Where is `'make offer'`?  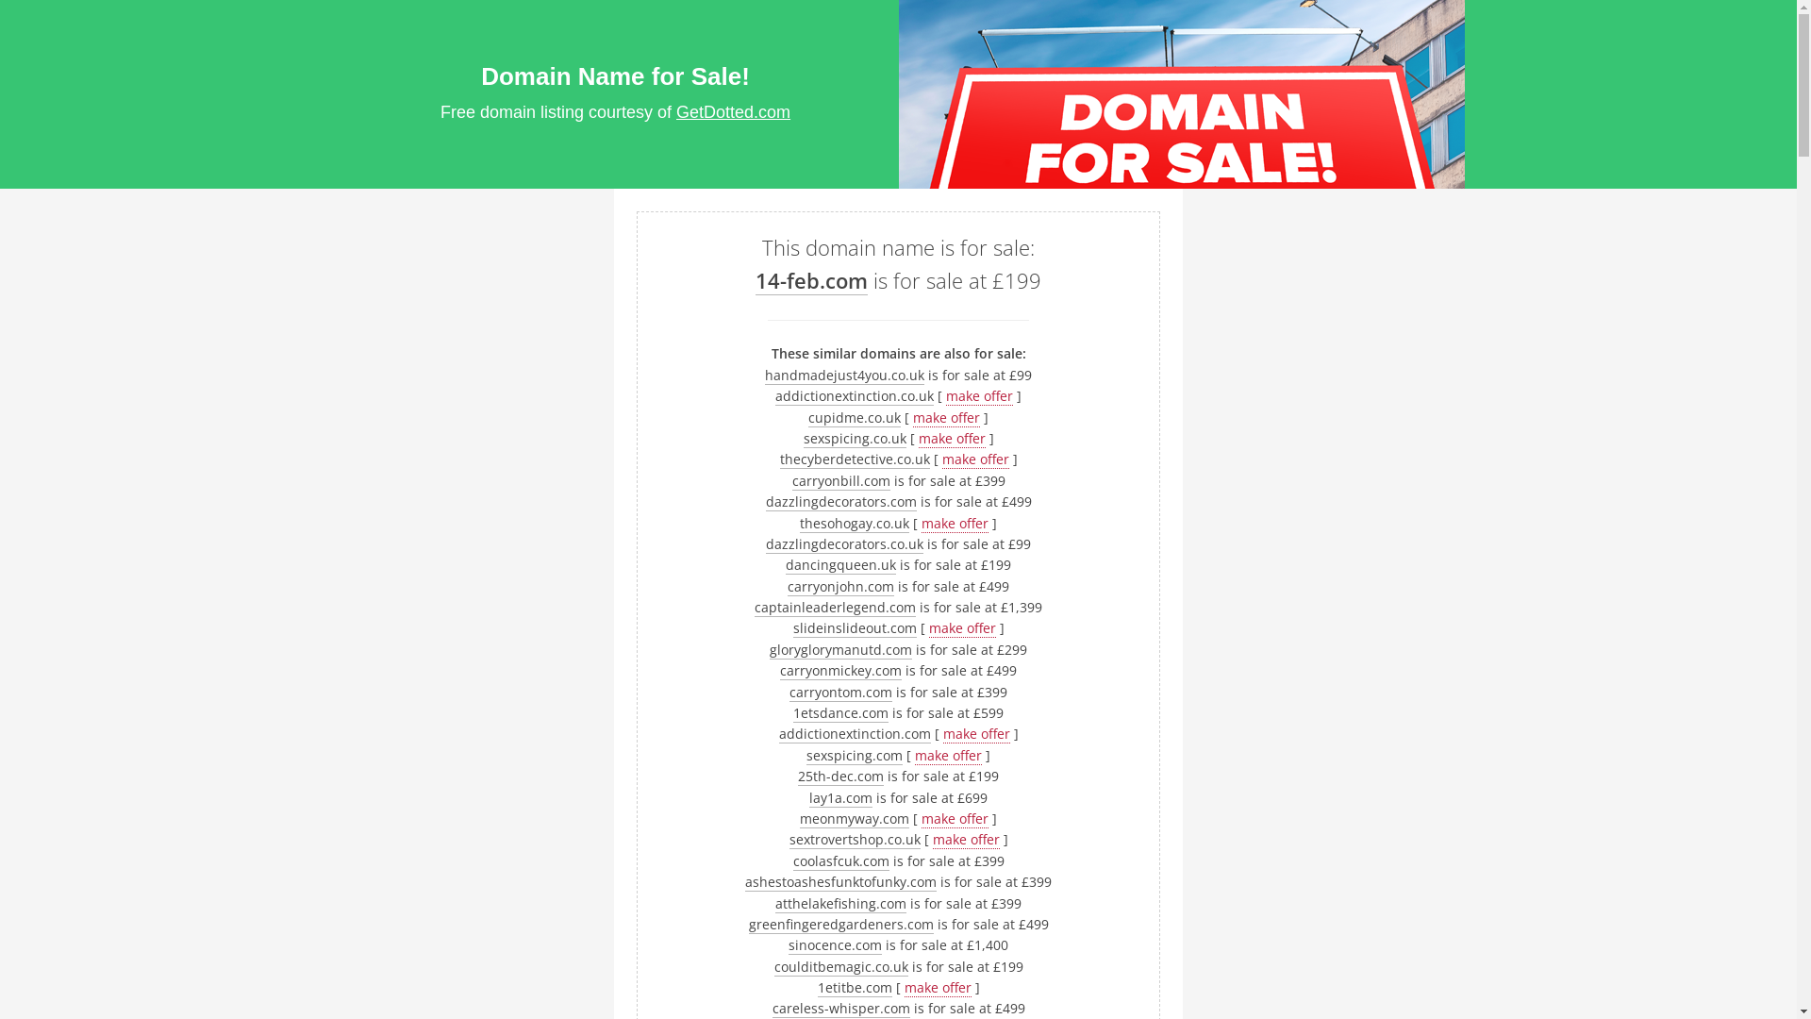 'make offer' is located at coordinates (979, 395).